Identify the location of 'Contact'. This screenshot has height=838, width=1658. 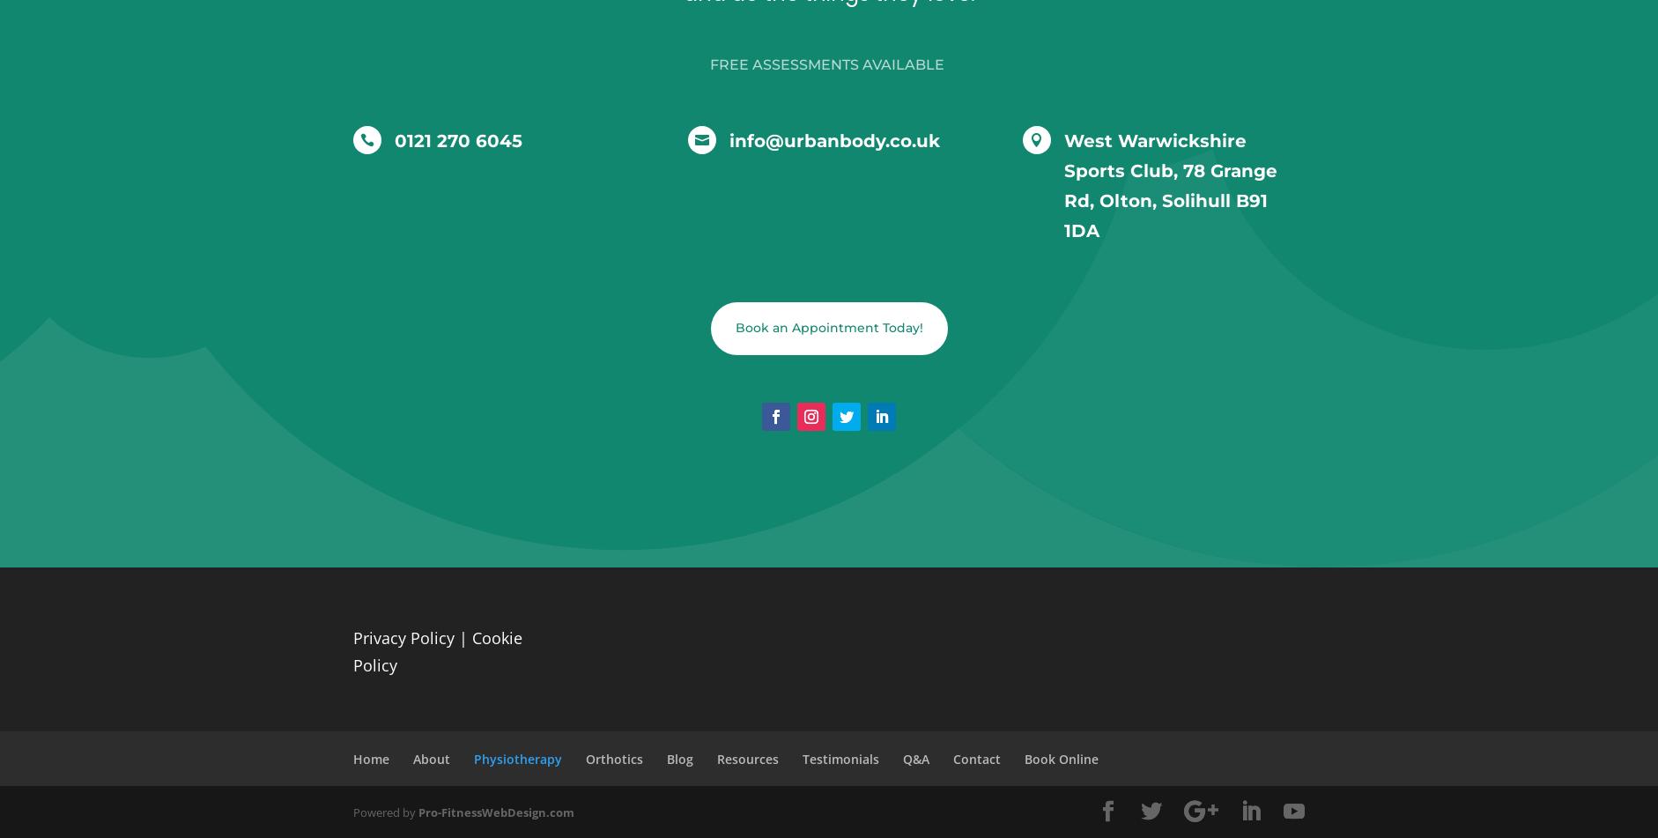
(951, 757).